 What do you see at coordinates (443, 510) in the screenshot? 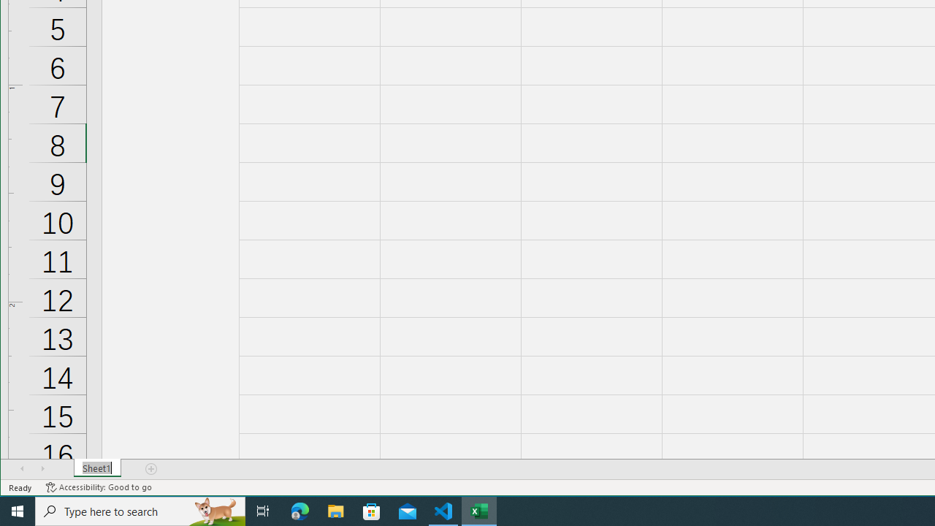
I see `'Visual Studio Code - 1 running window'` at bounding box center [443, 510].